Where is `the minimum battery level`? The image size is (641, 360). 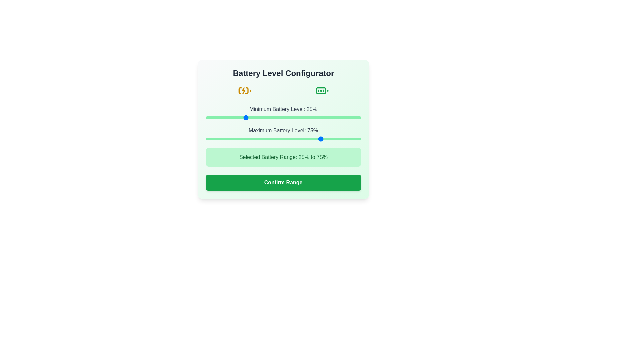 the minimum battery level is located at coordinates (342, 117).